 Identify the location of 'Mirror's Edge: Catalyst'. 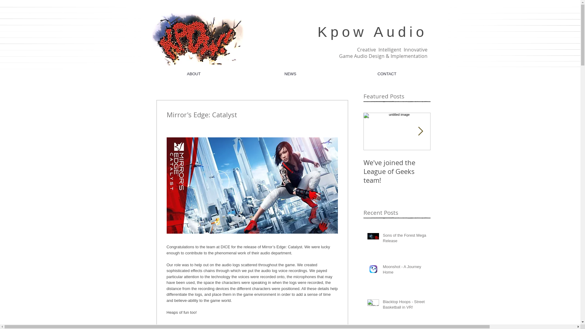
(463, 167).